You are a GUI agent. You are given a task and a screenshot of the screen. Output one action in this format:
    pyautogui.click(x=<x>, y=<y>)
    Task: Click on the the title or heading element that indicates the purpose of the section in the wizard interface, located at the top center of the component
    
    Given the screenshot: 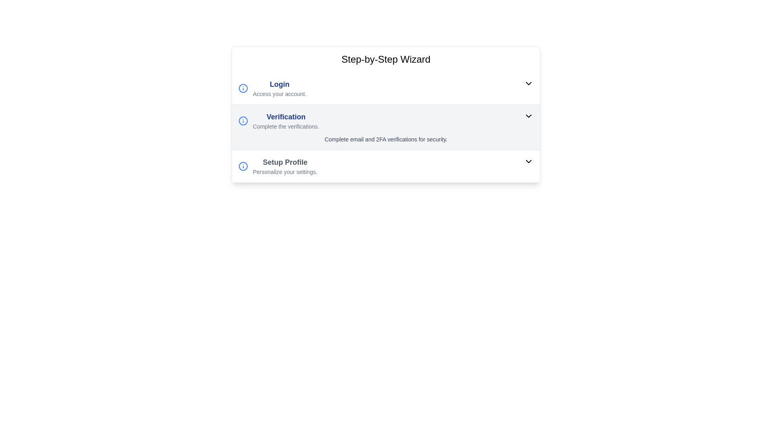 What is the action you would take?
    pyautogui.click(x=386, y=59)
    